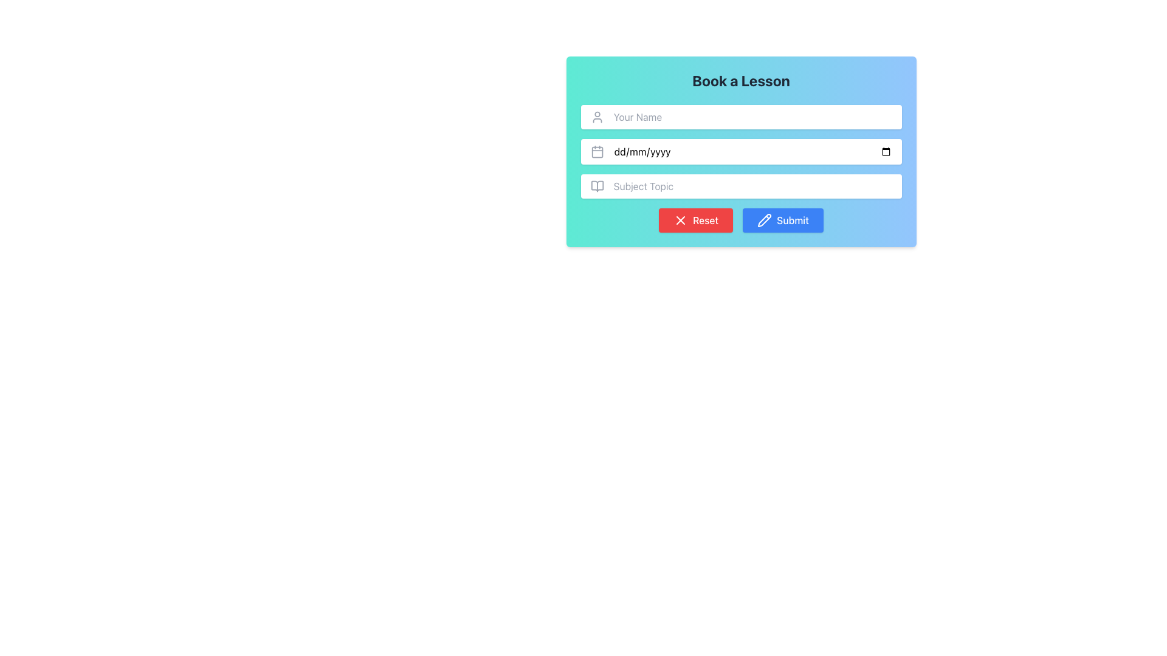 The width and height of the screenshot is (1167, 656). Describe the element at coordinates (696, 220) in the screenshot. I see `the reset button located on the left of the 'Submit' button in the bottom section of the modal form` at that location.